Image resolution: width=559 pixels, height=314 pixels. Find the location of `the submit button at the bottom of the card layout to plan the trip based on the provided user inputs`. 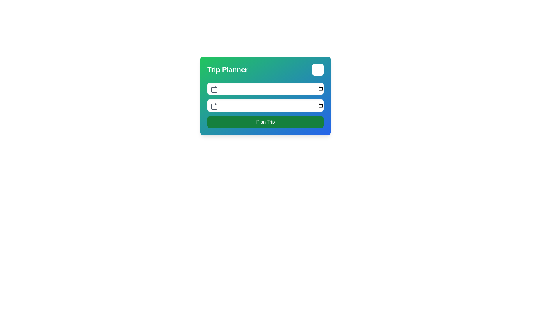

the submit button at the bottom of the card layout to plan the trip based on the provided user inputs is located at coordinates (265, 122).